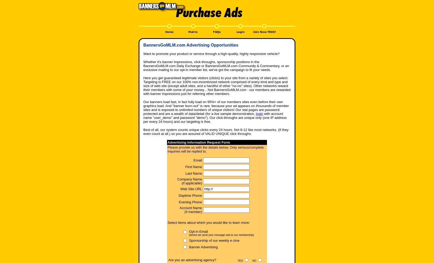 The image size is (434, 263). Describe the element at coordinates (215, 149) in the screenshot. I see `'Please provide us with the details below. Only serious/complete inquiries will be replied to.'` at that location.